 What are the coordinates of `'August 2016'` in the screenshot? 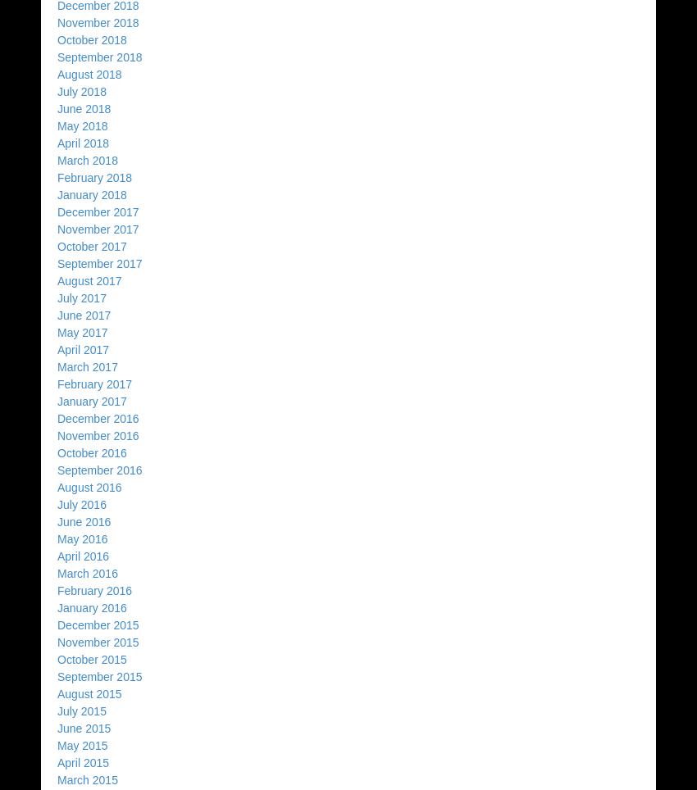 It's located at (88, 486).